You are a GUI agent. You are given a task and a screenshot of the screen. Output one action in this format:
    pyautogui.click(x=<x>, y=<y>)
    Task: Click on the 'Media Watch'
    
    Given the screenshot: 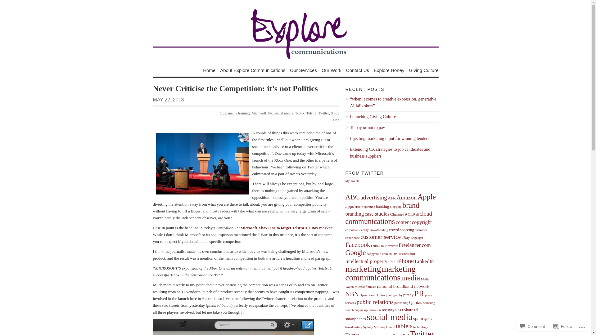 What is the action you would take?
    pyautogui.click(x=345, y=283)
    